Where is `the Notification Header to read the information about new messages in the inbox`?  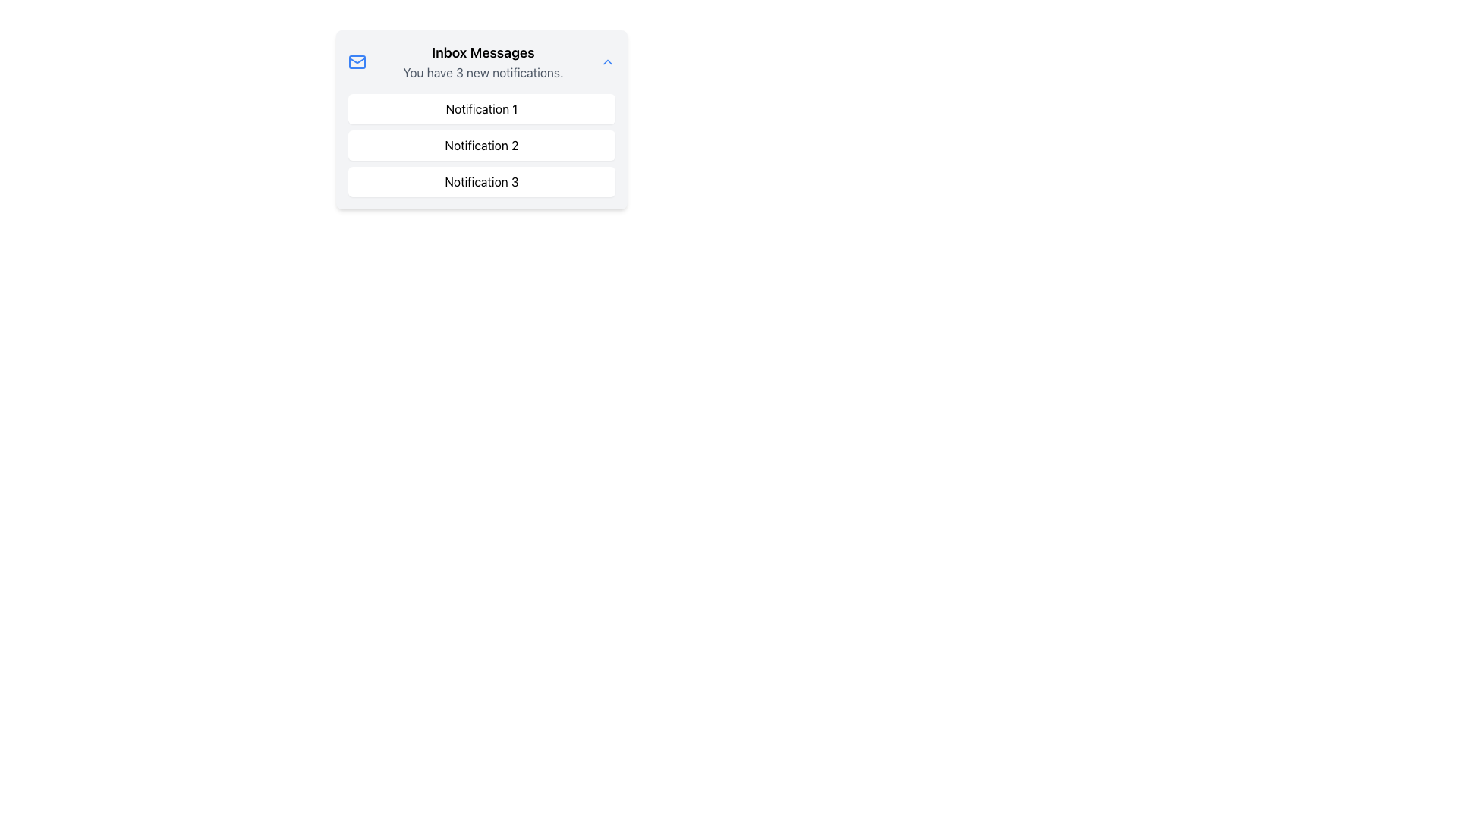 the Notification Header to read the information about new messages in the inbox is located at coordinates (480, 61).